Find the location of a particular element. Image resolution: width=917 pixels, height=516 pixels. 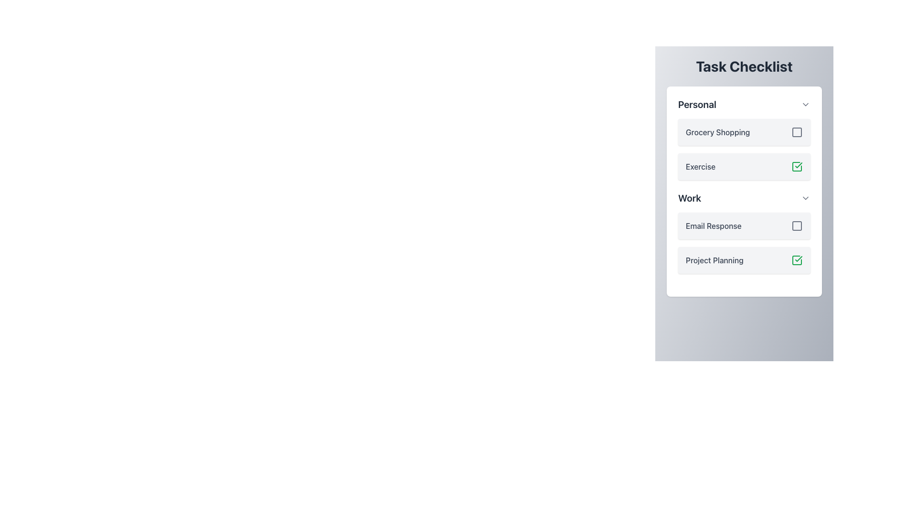

the 'Email Response' checkbox is located at coordinates (744, 226).